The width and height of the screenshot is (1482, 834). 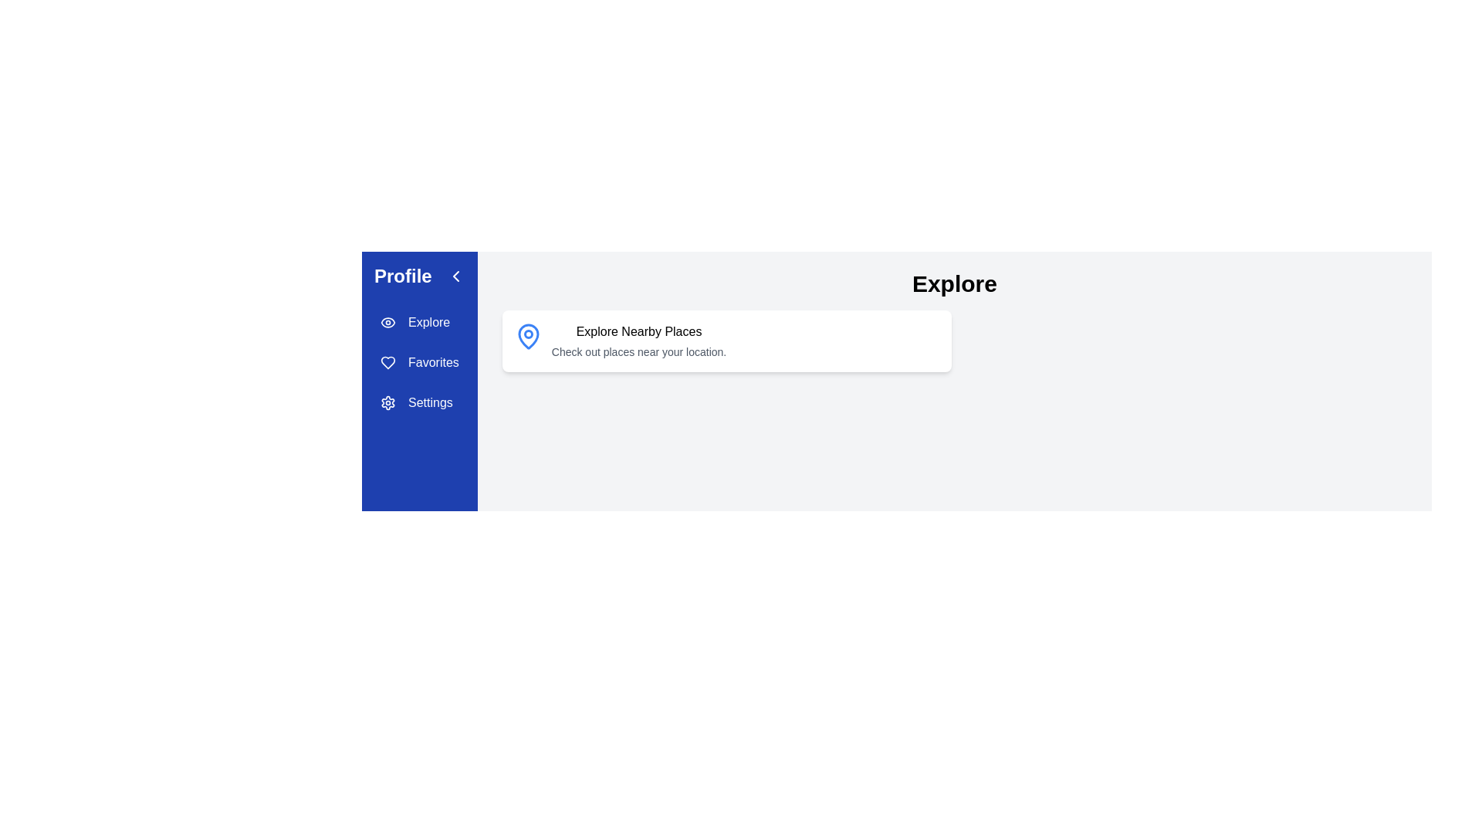 What do you see at coordinates (419, 276) in the screenshot?
I see `the label element that serves as a header for the sidebar, indicating the current section of the navigation area for accessibility navigation` at bounding box center [419, 276].